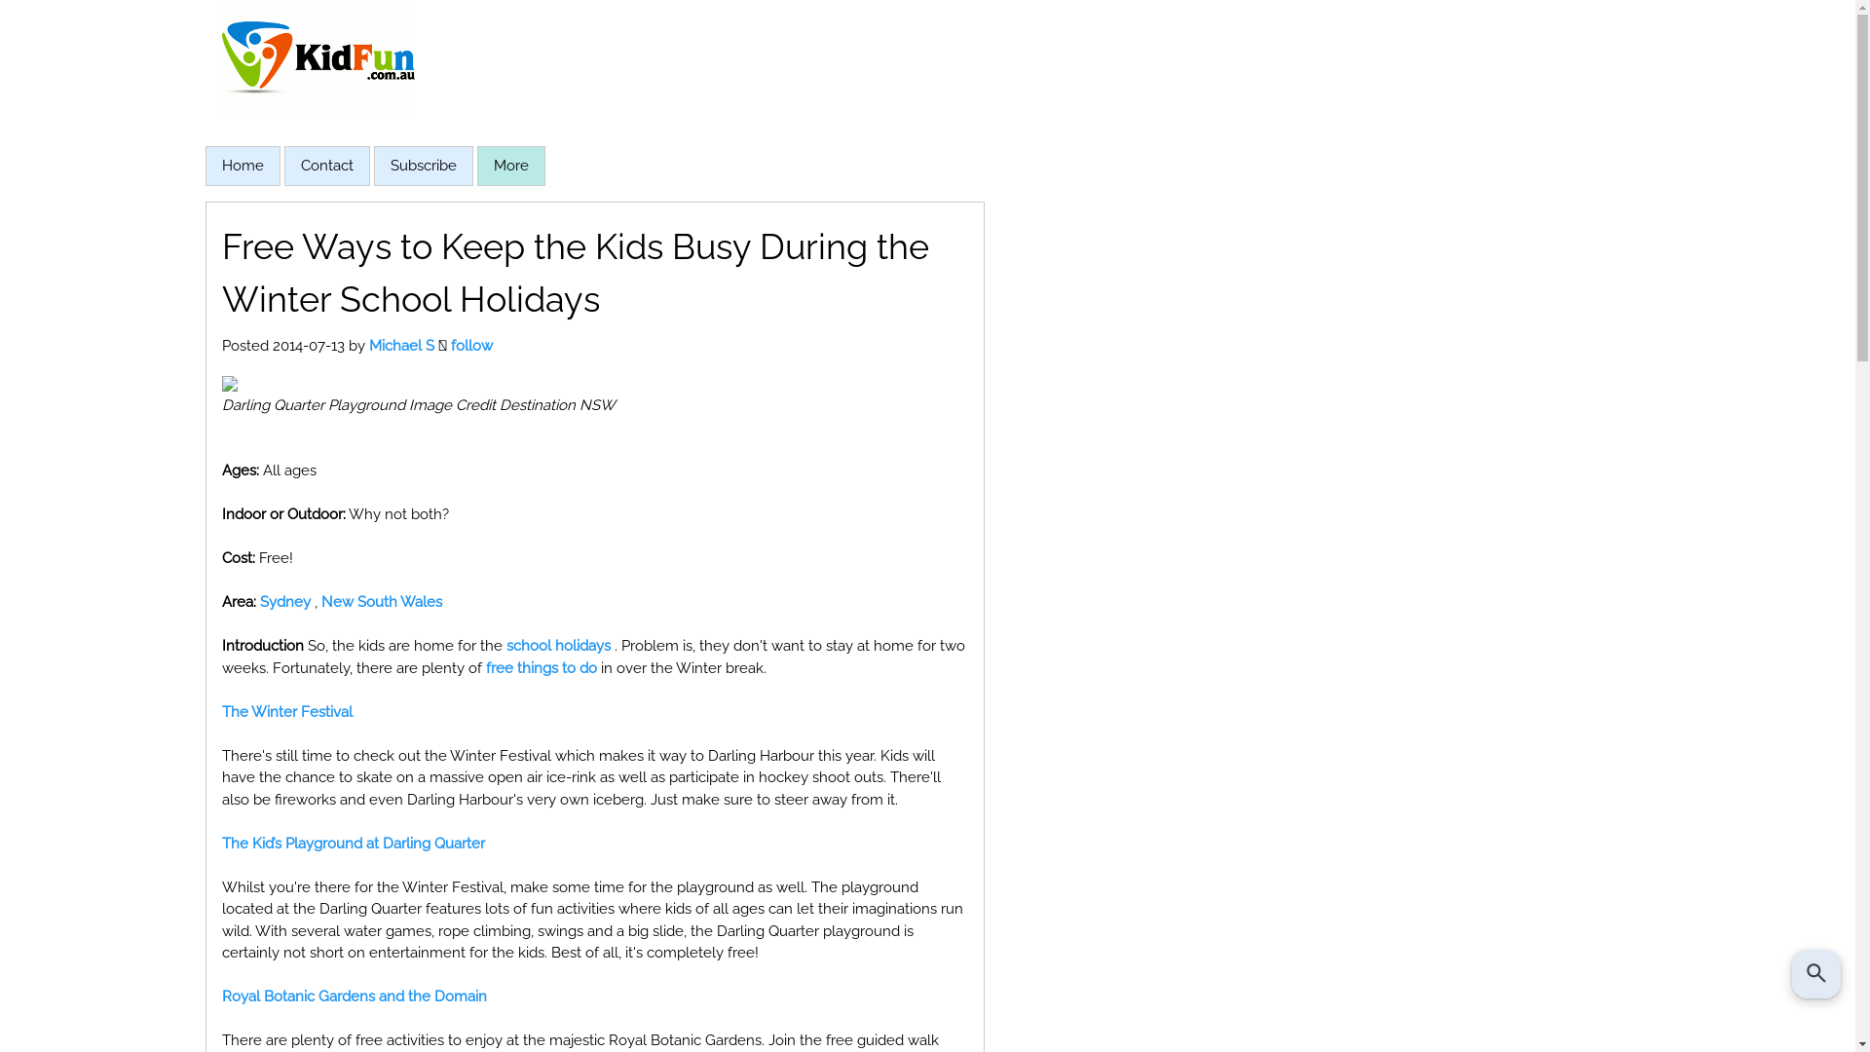  I want to click on 'school holidays', so click(557, 646).